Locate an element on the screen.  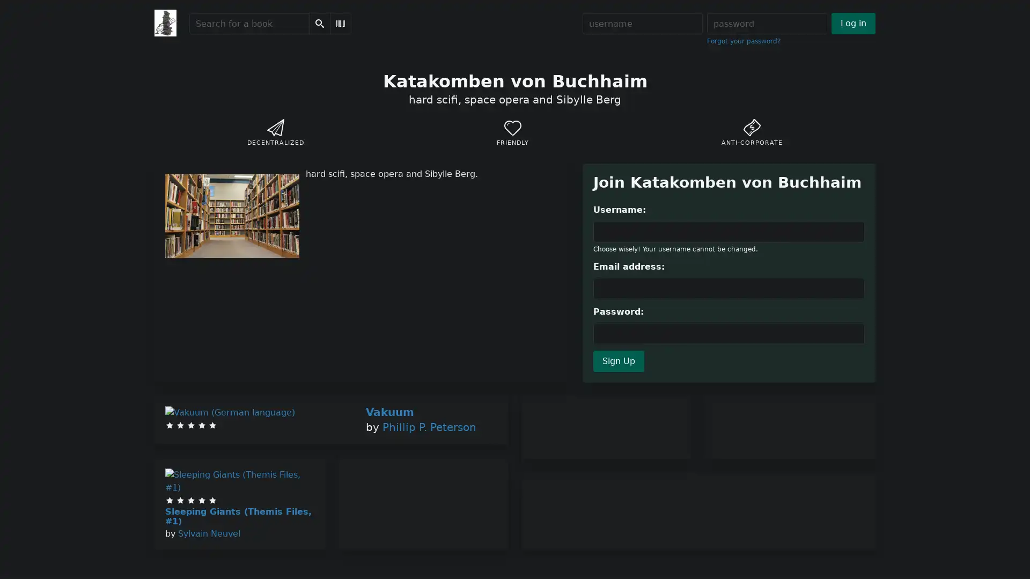
Search is located at coordinates (319, 23).